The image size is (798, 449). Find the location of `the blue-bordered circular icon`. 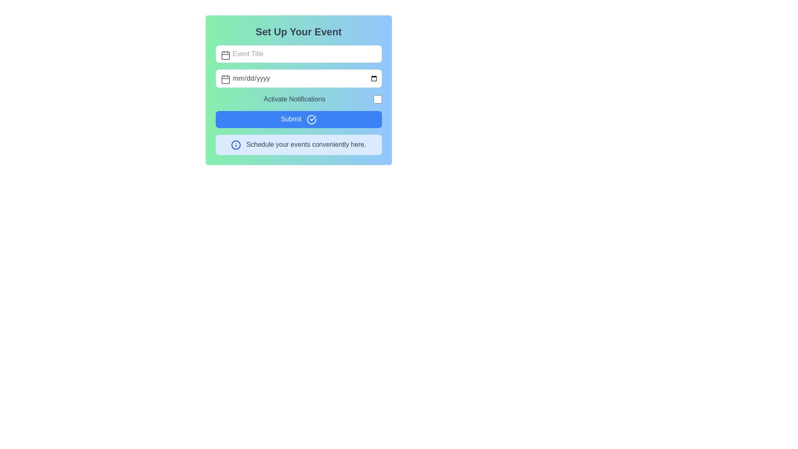

the blue-bordered circular icon is located at coordinates (236, 144).